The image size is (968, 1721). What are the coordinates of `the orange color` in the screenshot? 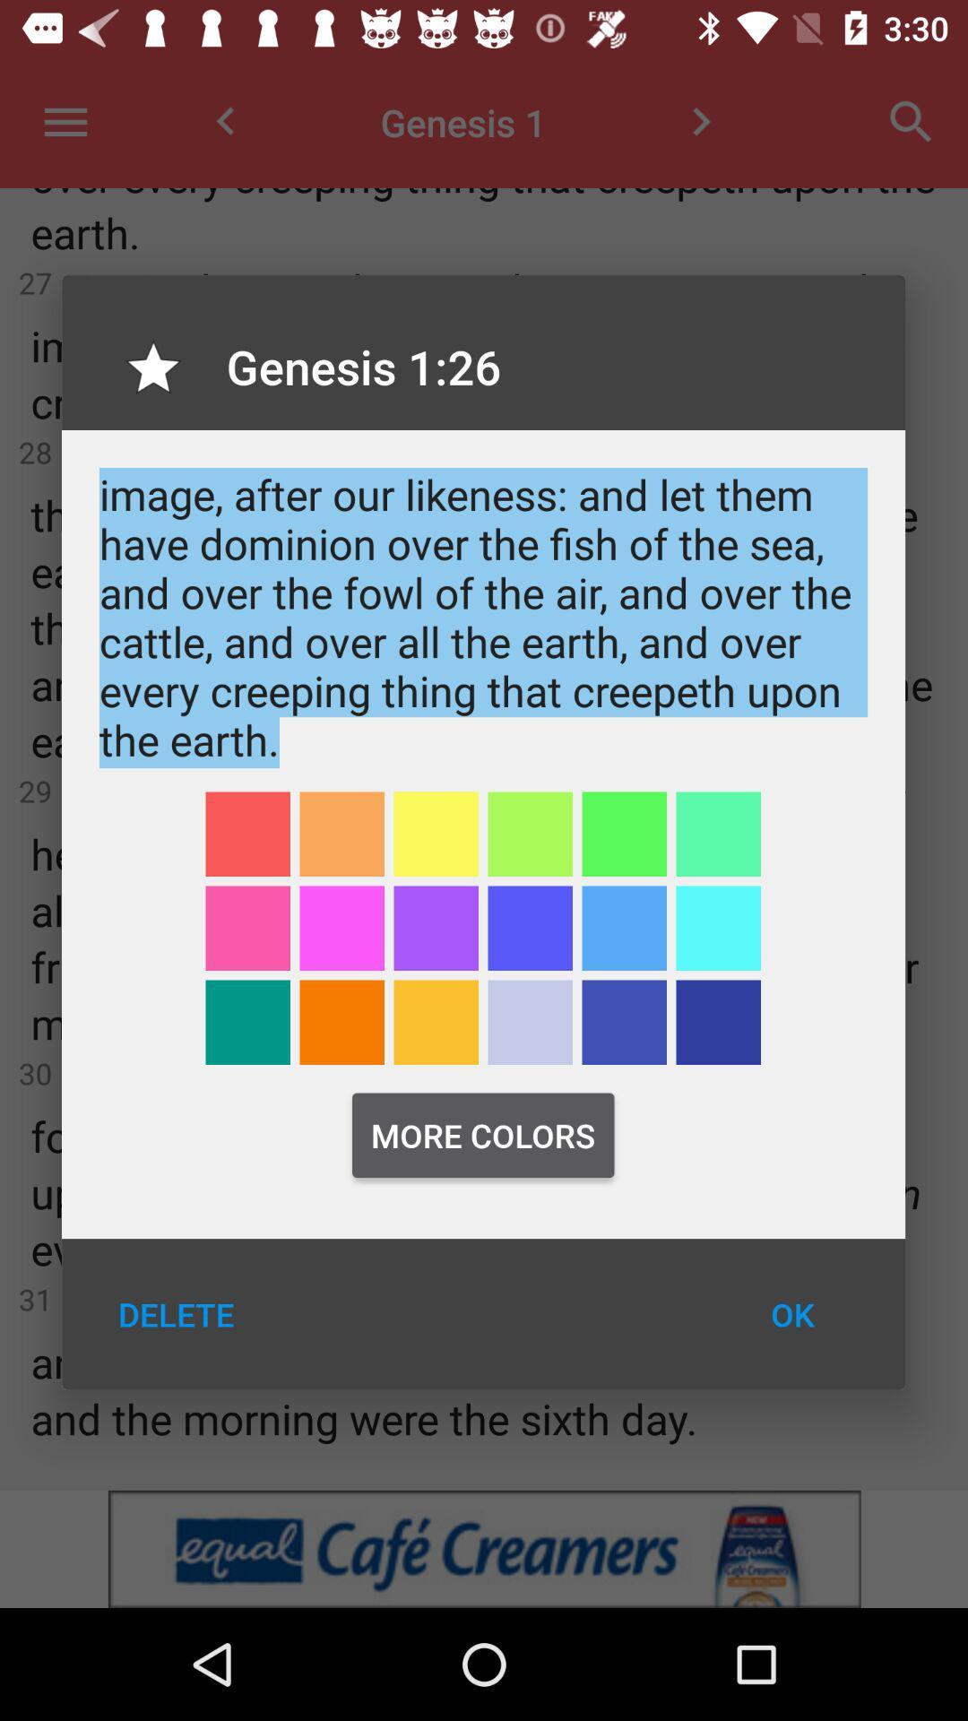 It's located at (341, 833).